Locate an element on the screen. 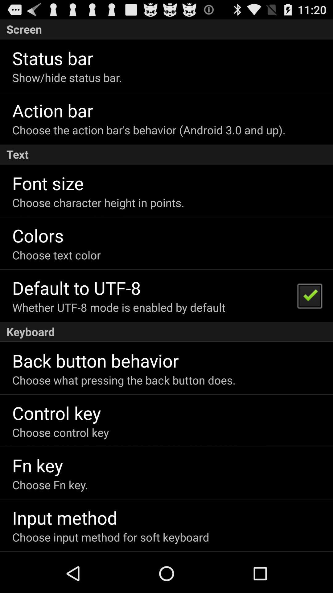  the icon below the back button behavior icon is located at coordinates (124, 380).